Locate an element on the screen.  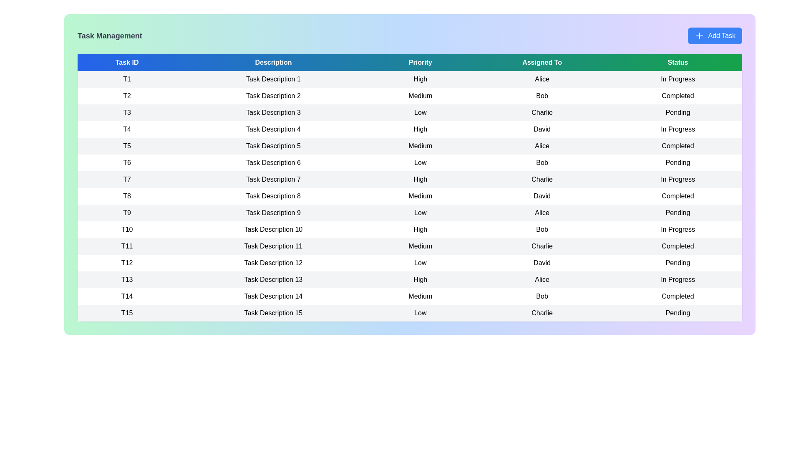
'Add Task' button to open the task creation form is located at coordinates (714, 35).